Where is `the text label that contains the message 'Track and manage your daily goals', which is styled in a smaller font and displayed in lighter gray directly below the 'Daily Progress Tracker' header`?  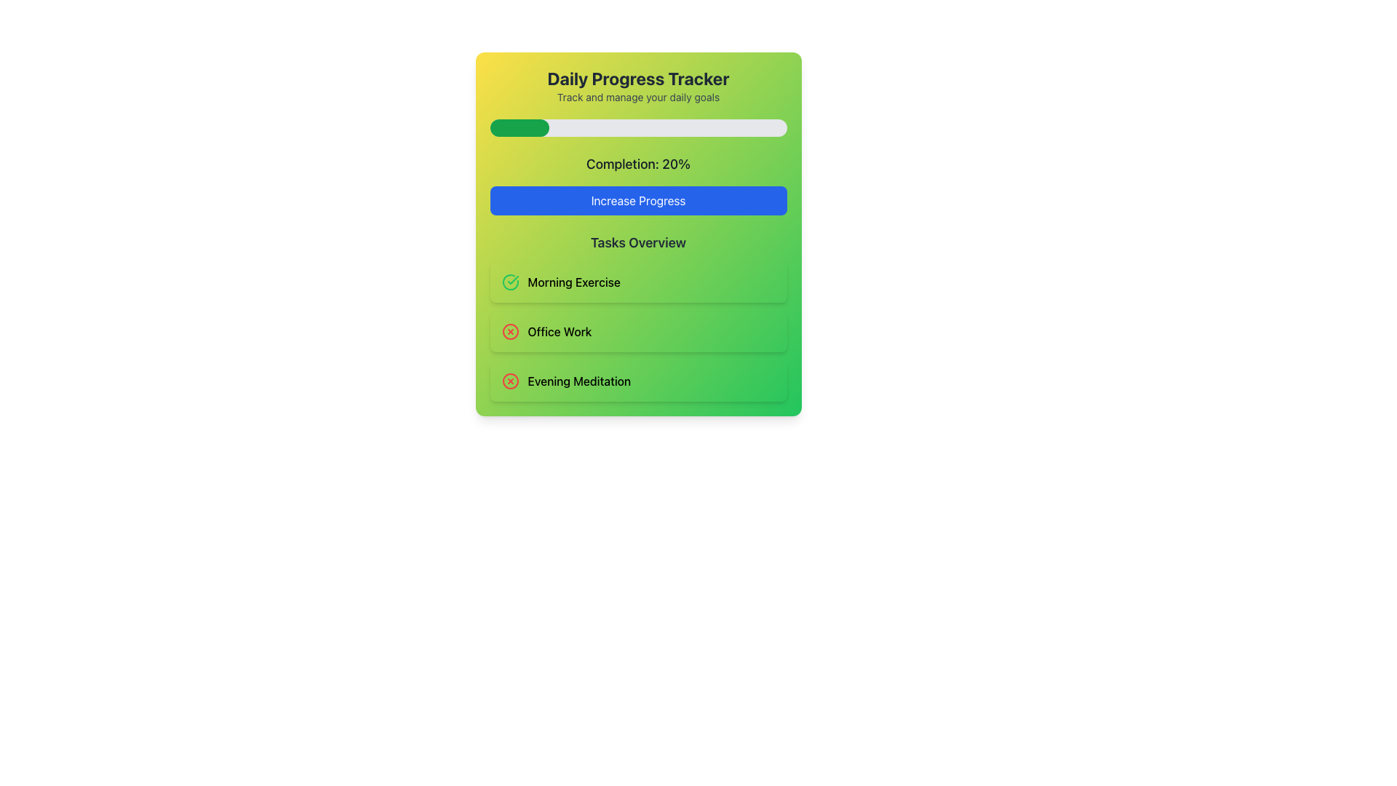 the text label that contains the message 'Track and manage your daily goals', which is styled in a smaller font and displayed in lighter gray directly below the 'Daily Progress Tracker' header is located at coordinates (638, 98).